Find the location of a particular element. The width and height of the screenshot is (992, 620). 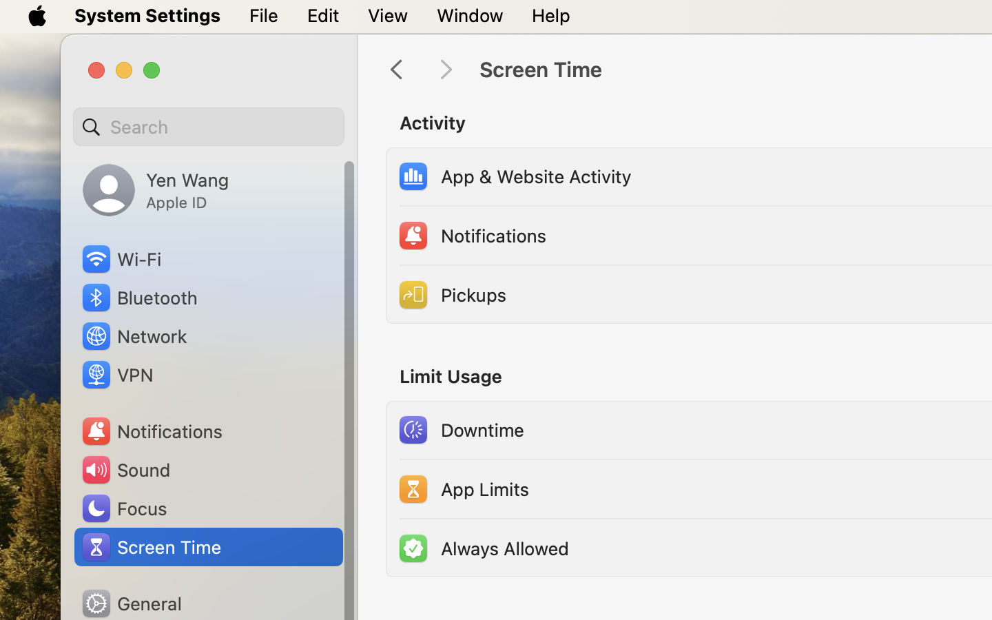

'Bluetooth' is located at coordinates (139, 298).